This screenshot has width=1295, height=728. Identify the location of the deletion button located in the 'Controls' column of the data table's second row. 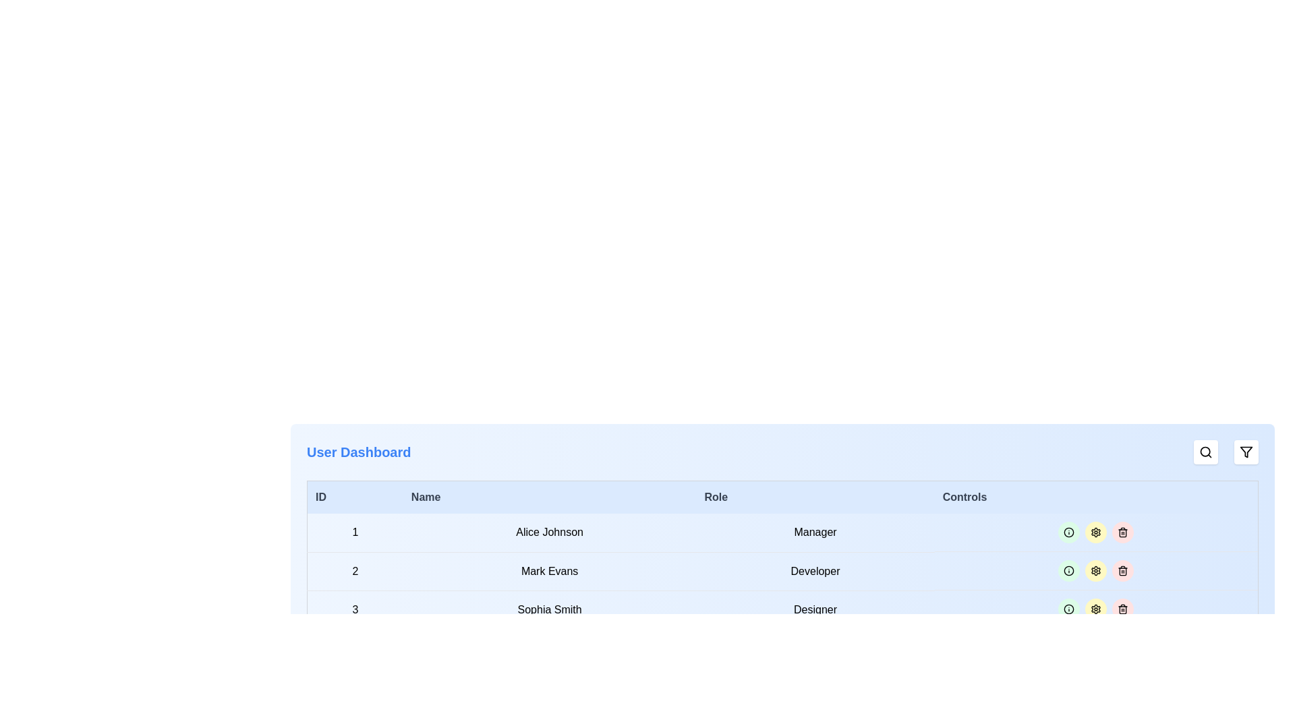
(1123, 571).